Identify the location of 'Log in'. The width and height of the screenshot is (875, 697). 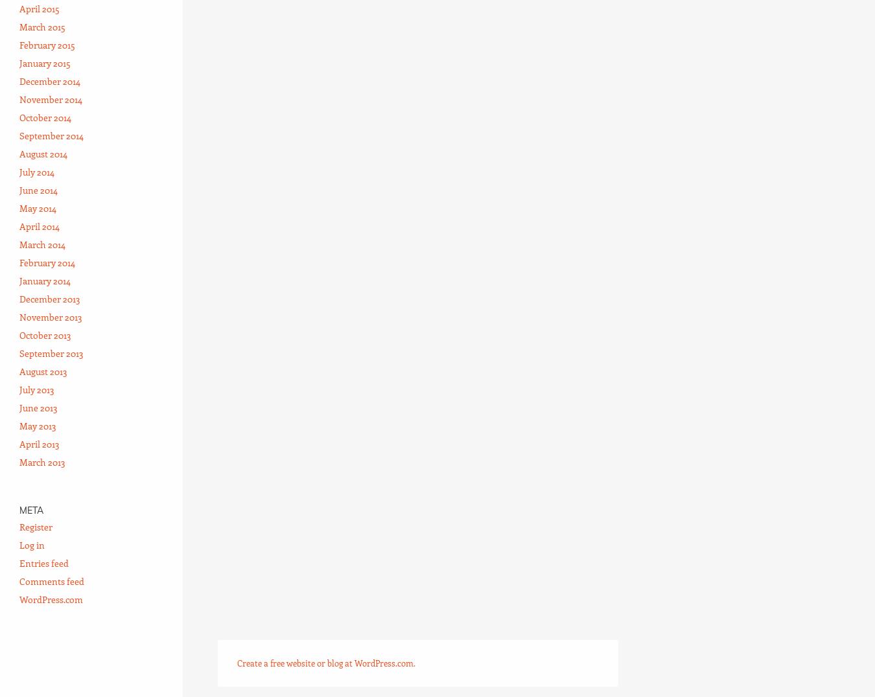
(18, 543).